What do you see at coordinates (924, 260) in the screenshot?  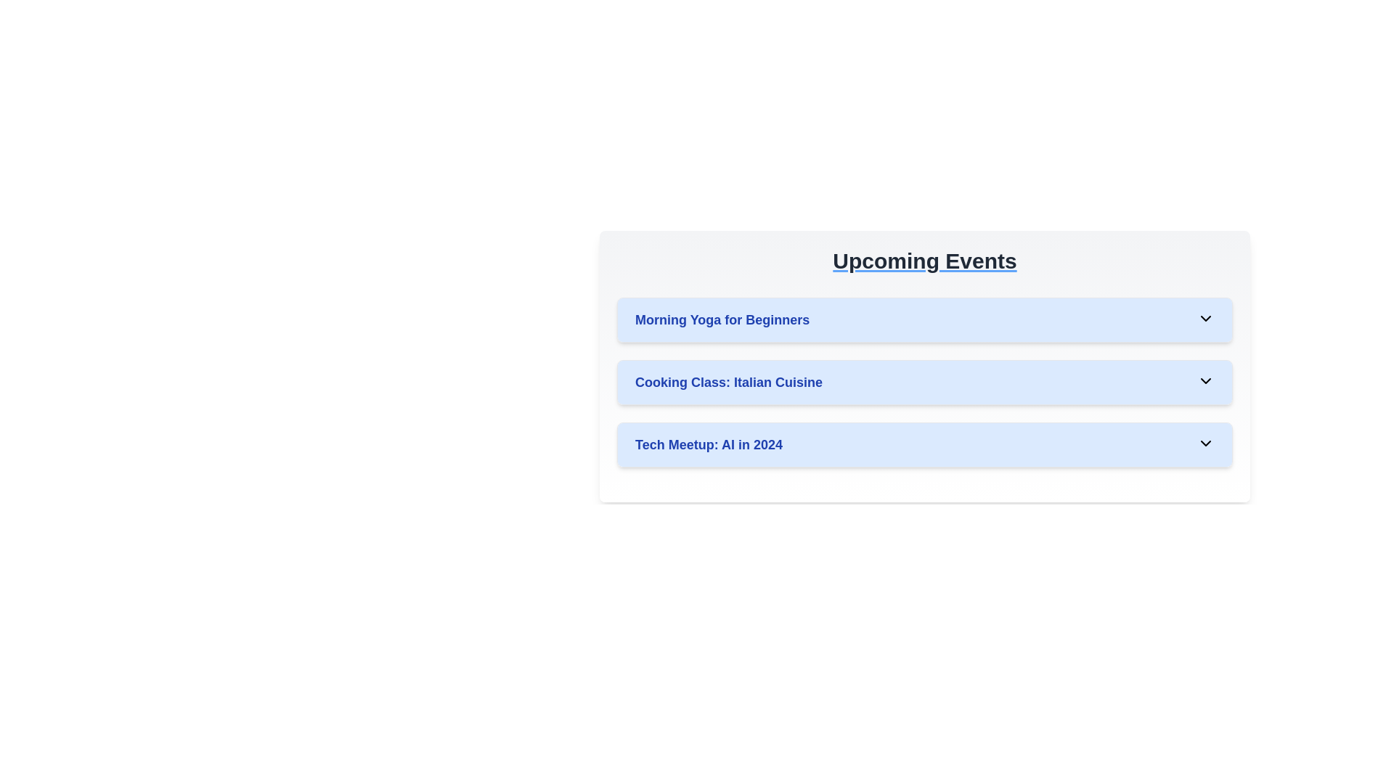 I see `the 'Upcoming Events' header text, which is the first heading in a card-styled section with a gradient background and rounded borders` at bounding box center [924, 260].